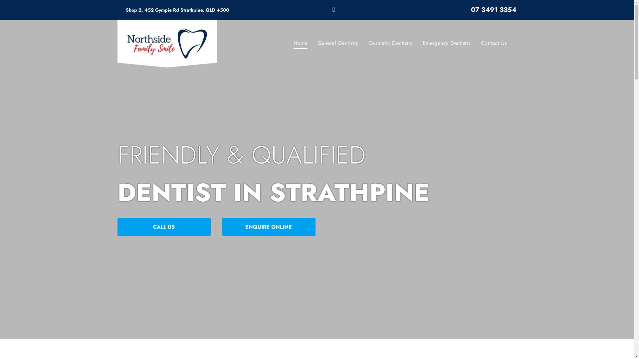 The height and width of the screenshot is (359, 639). I want to click on 'Northside Family Smiles', so click(167, 44).